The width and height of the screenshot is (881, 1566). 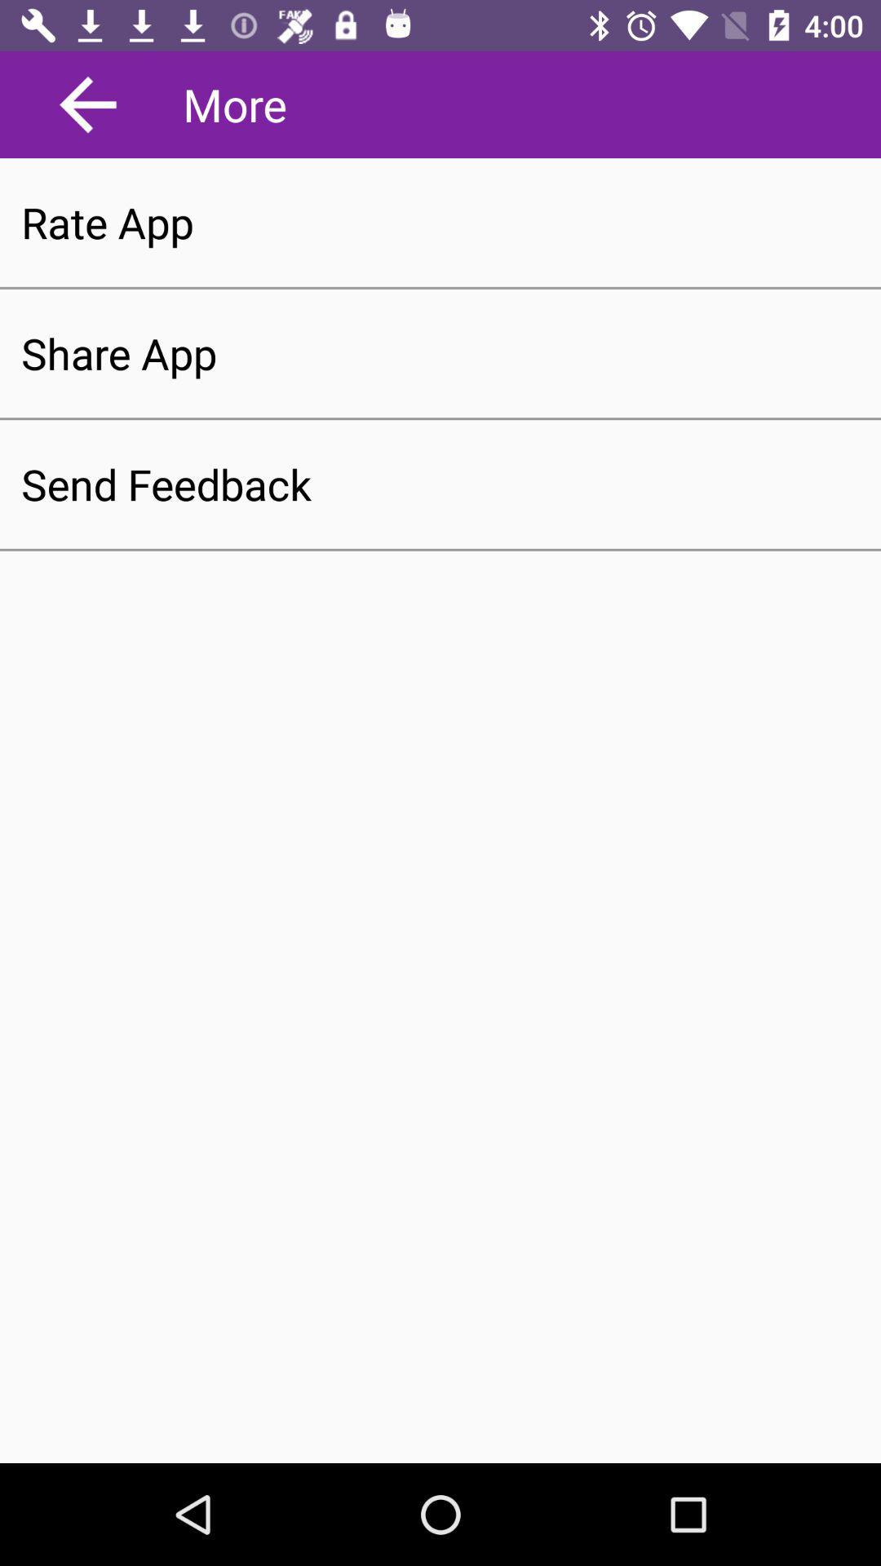 I want to click on go back, so click(x=88, y=104).